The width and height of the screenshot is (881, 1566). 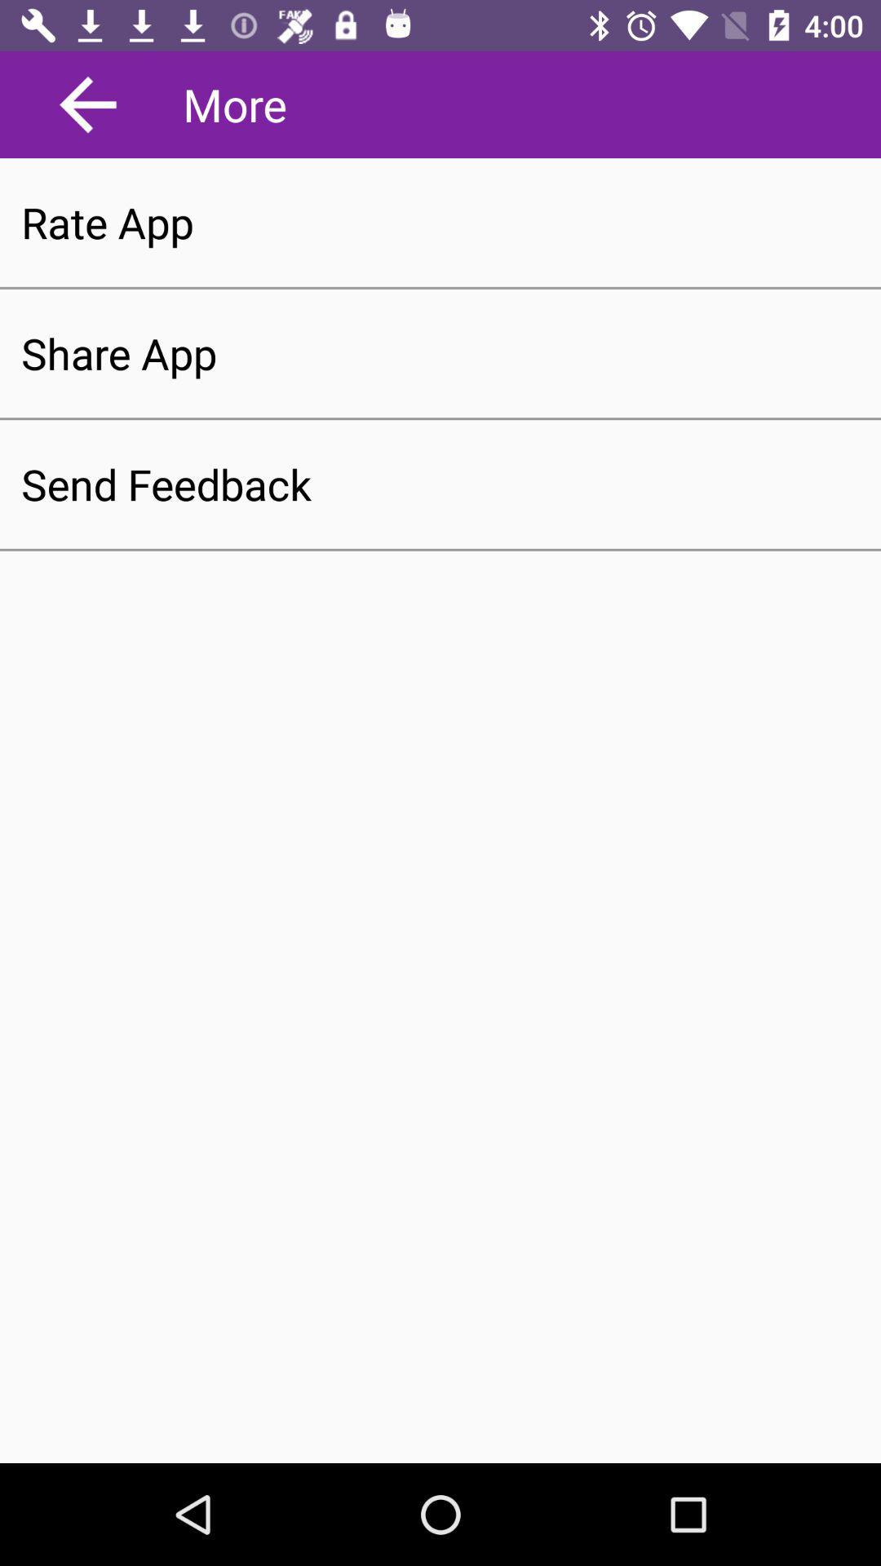 I want to click on go back, so click(x=88, y=104).